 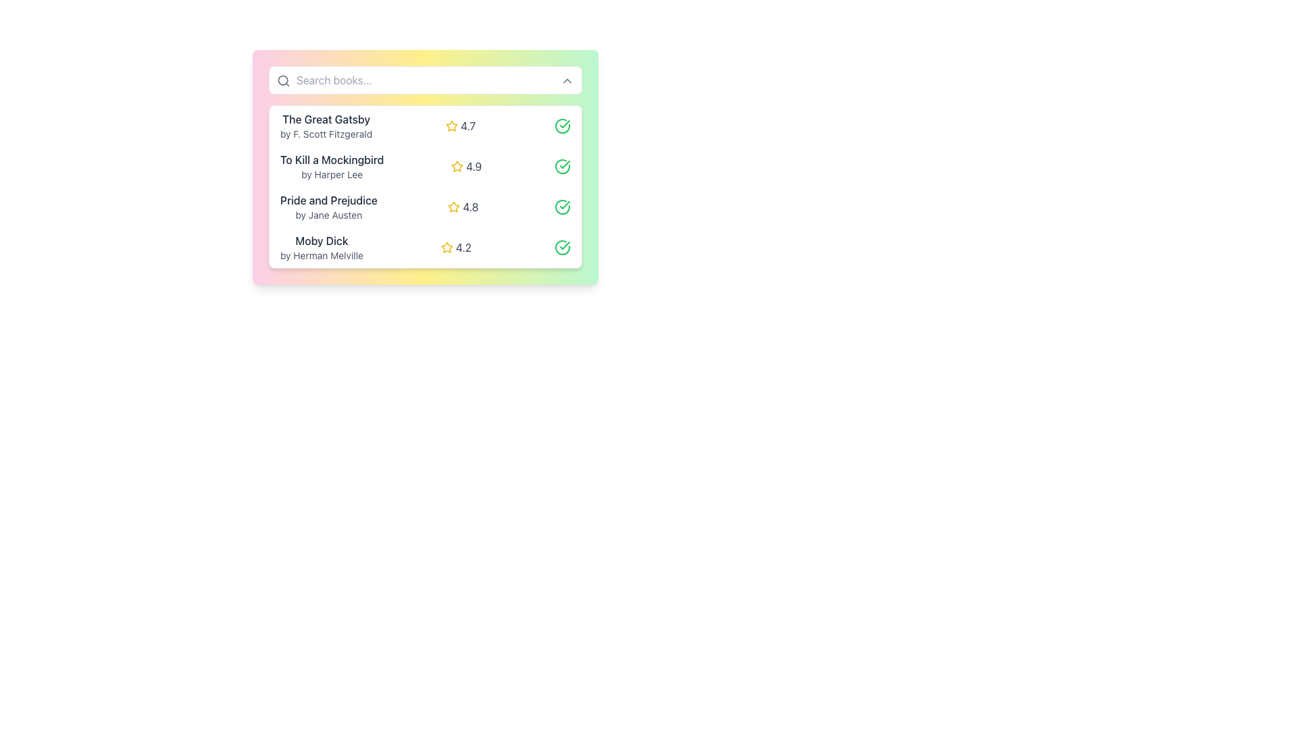 What do you see at coordinates (463, 207) in the screenshot?
I see `numeric rating of '4.8' displayed in the rating indicator, which consists of a yellow star icon followed by the gray text, located within the 'Pride and Prejudice by Jane Austen' list item` at bounding box center [463, 207].